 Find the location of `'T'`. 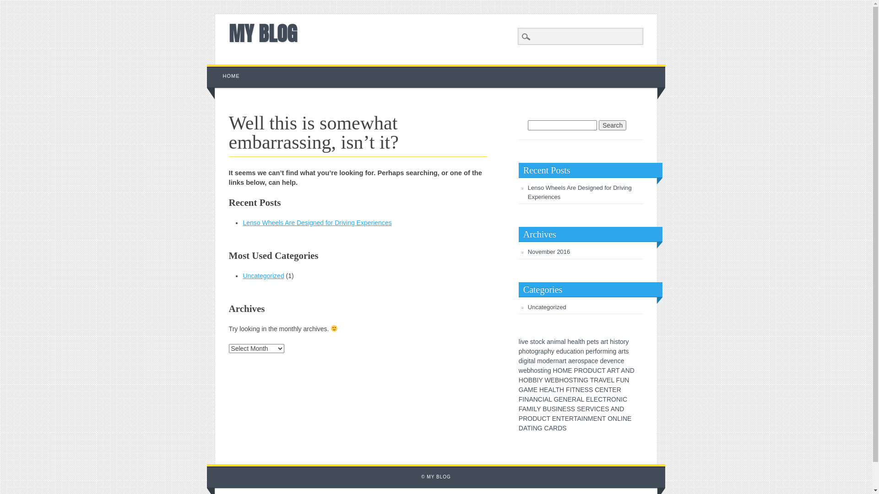

'T' is located at coordinates (573, 390).